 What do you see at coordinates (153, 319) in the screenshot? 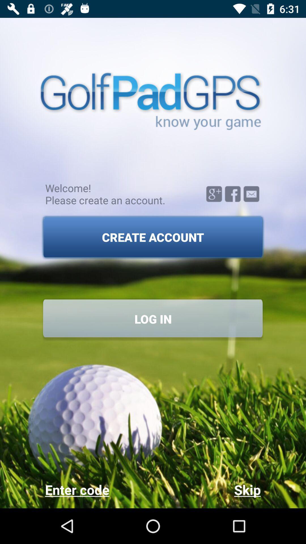
I see `item below create account` at bounding box center [153, 319].